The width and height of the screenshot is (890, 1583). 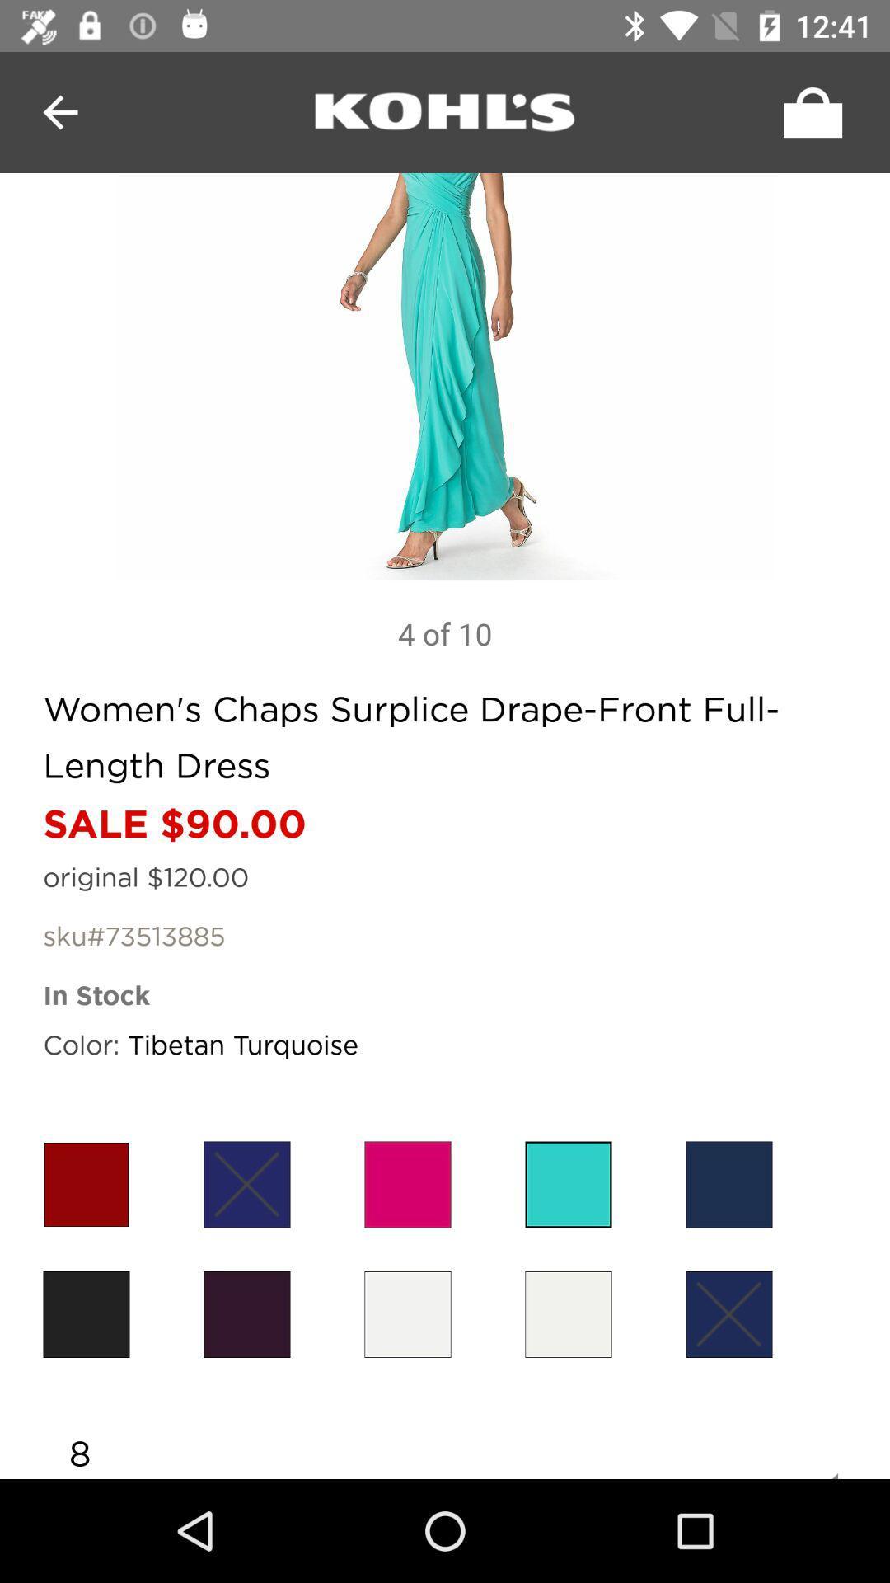 I want to click on go back, so click(x=445, y=111).